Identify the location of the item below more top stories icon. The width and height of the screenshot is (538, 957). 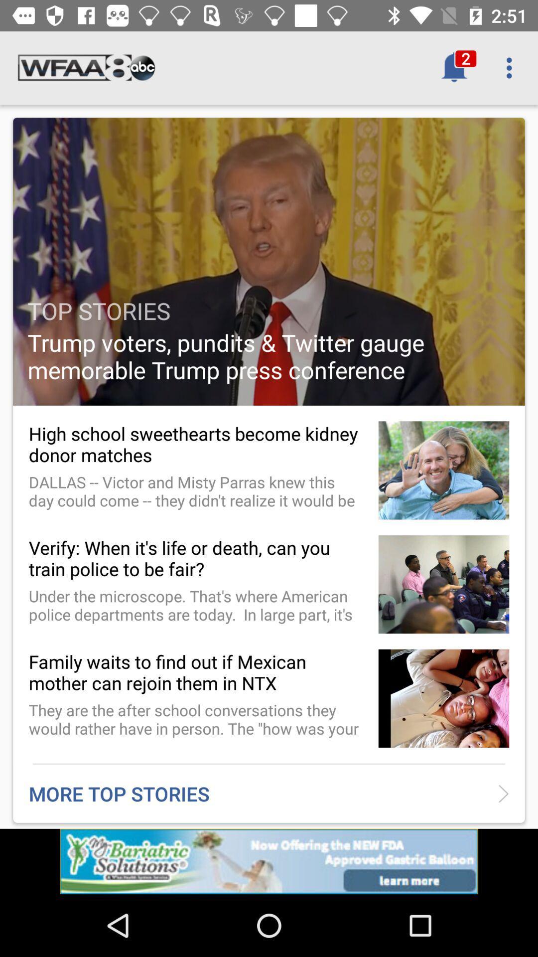
(269, 861).